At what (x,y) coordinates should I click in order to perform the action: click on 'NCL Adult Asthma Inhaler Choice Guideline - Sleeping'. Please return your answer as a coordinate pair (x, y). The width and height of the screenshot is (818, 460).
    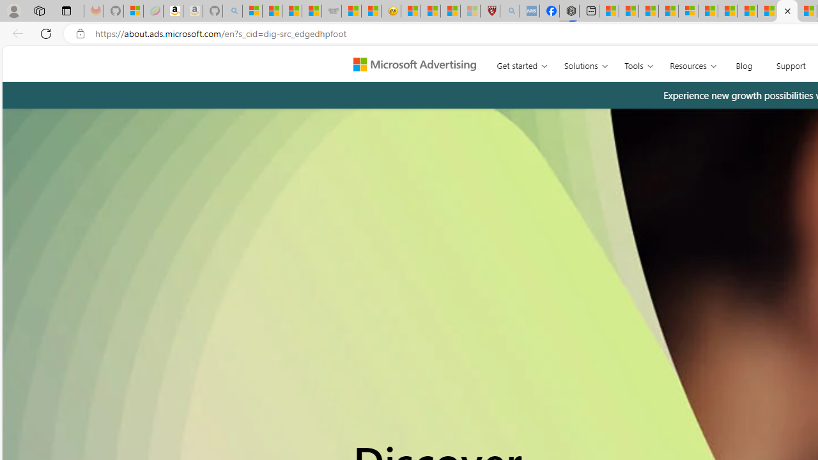
    Looking at the image, I should click on (529, 11).